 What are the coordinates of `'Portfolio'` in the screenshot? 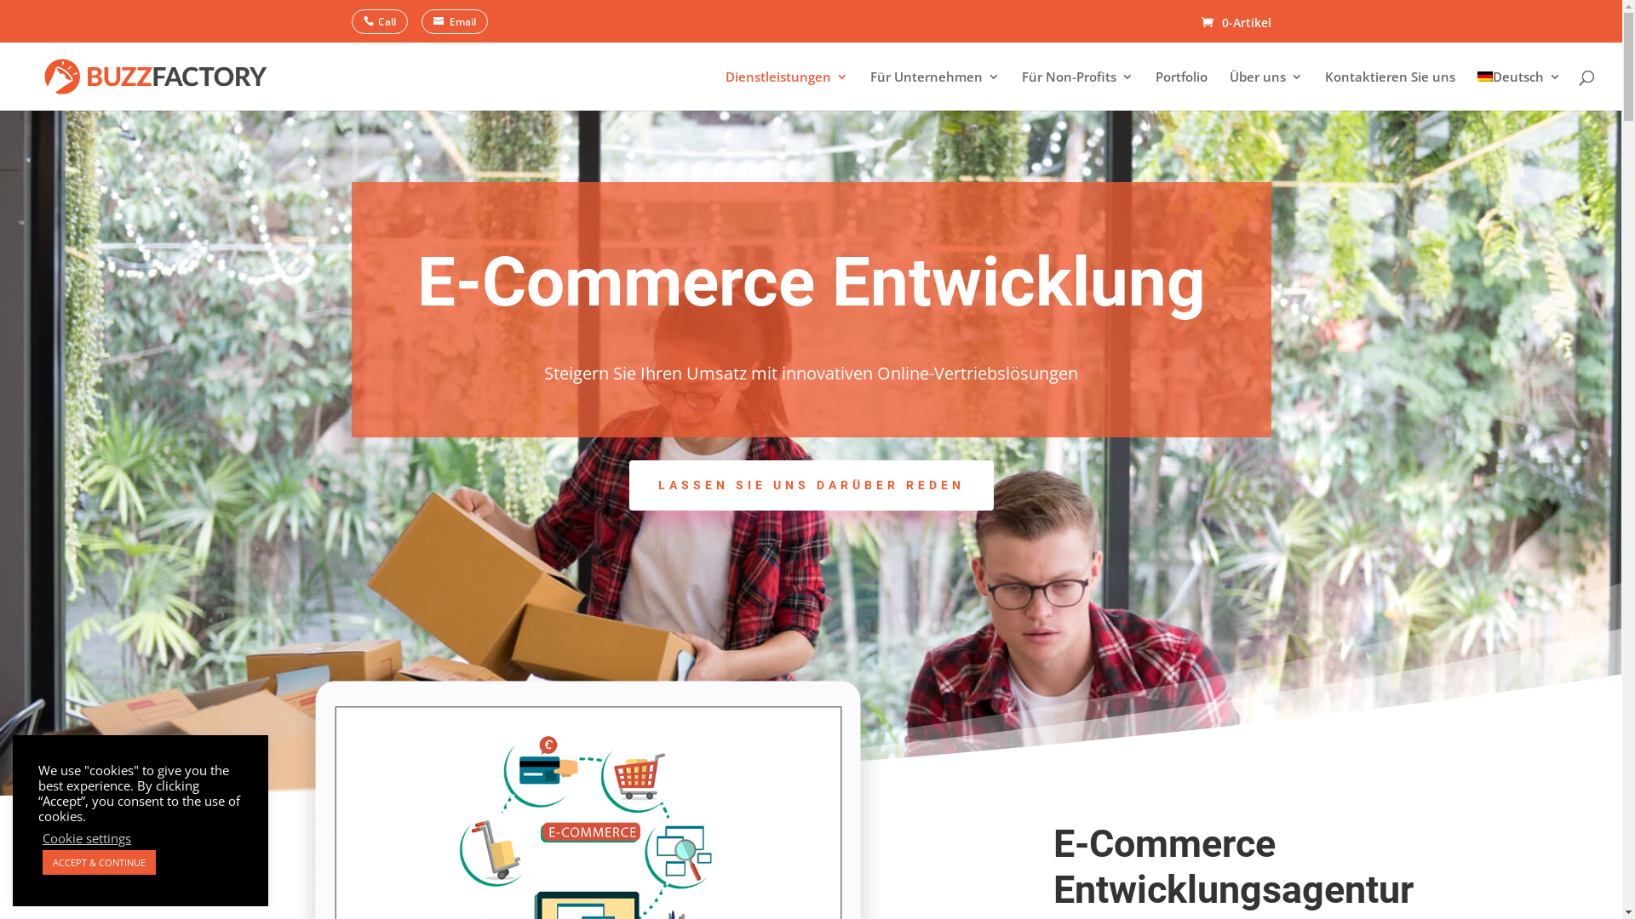 It's located at (1180, 90).